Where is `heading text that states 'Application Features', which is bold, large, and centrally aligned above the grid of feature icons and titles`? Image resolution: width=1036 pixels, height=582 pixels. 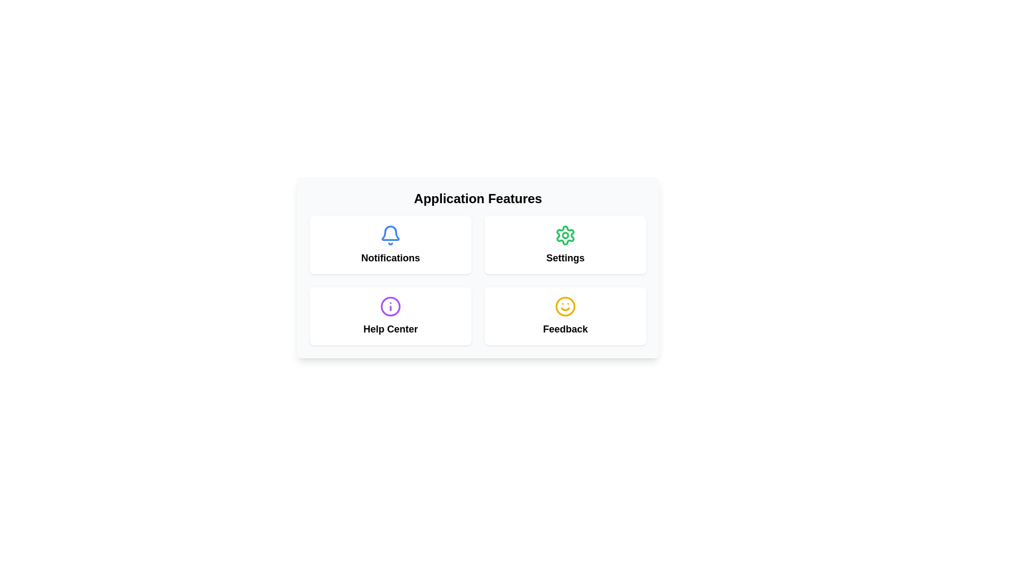 heading text that states 'Application Features', which is bold, large, and centrally aligned above the grid of feature icons and titles is located at coordinates (478, 199).